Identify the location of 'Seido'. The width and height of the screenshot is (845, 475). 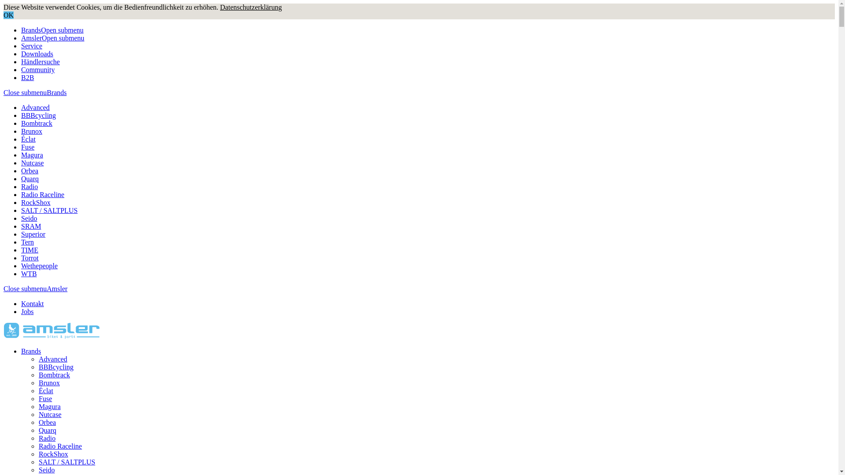
(29, 218).